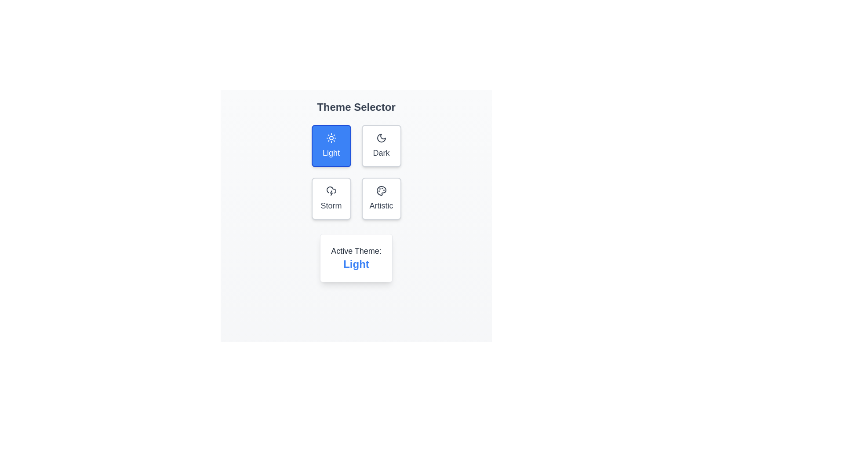 Image resolution: width=844 pixels, height=475 pixels. Describe the element at coordinates (331, 145) in the screenshot. I see `the button corresponding to the theme Light` at that location.